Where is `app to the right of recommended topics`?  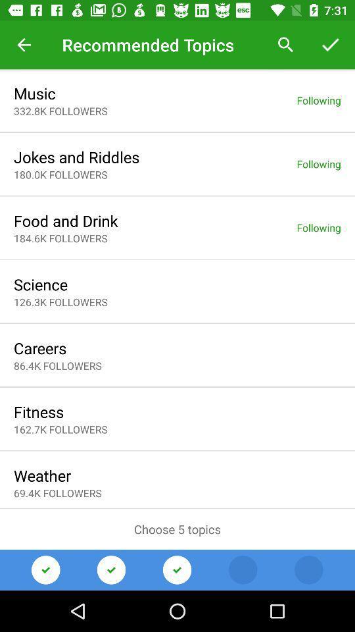 app to the right of recommended topics is located at coordinates (285, 45).